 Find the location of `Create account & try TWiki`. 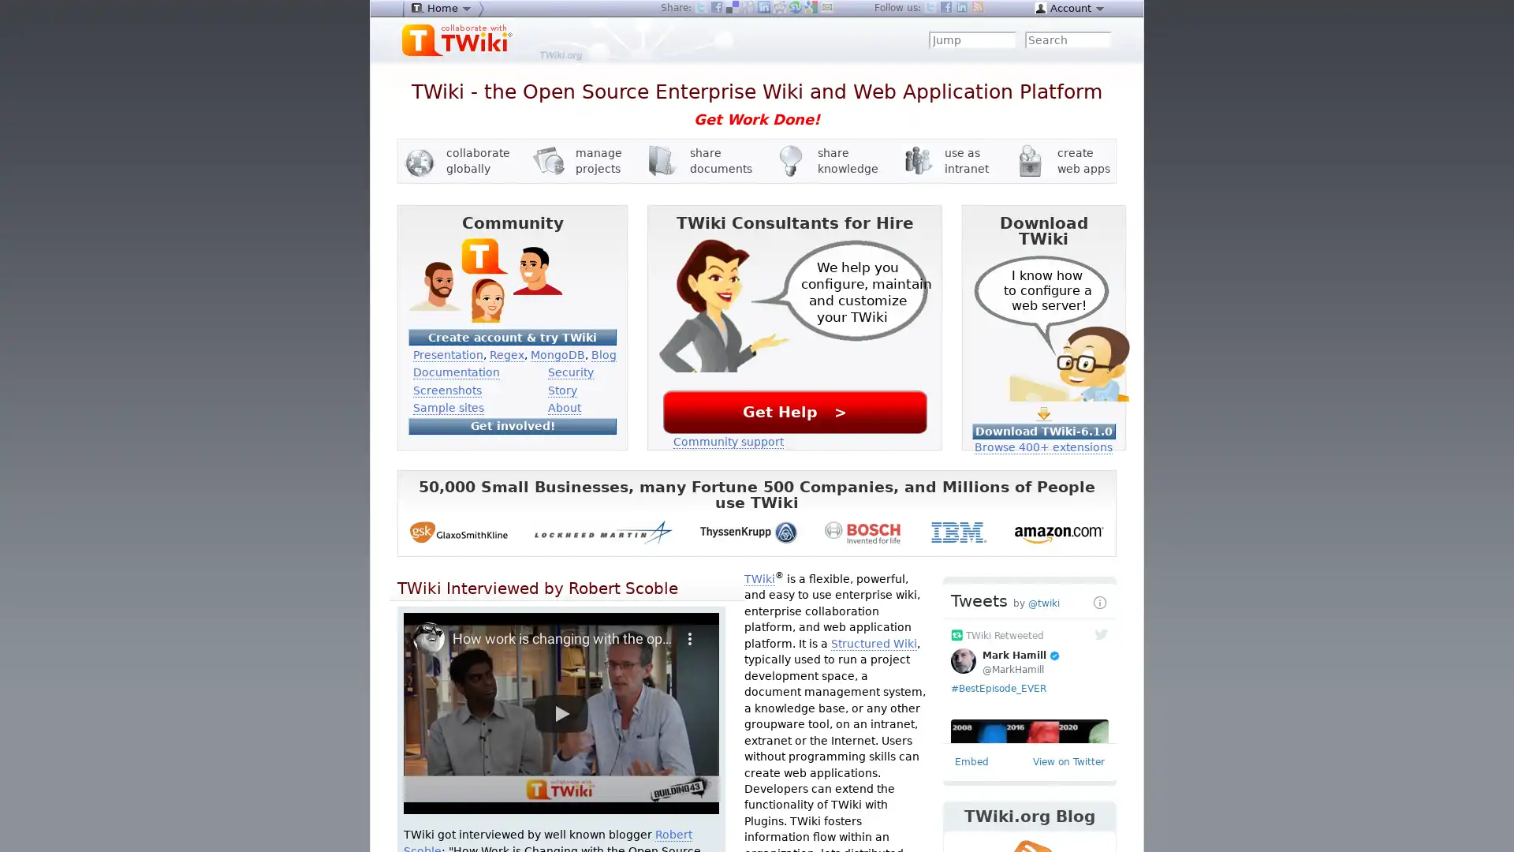

Create account & try TWiki is located at coordinates (512, 336).